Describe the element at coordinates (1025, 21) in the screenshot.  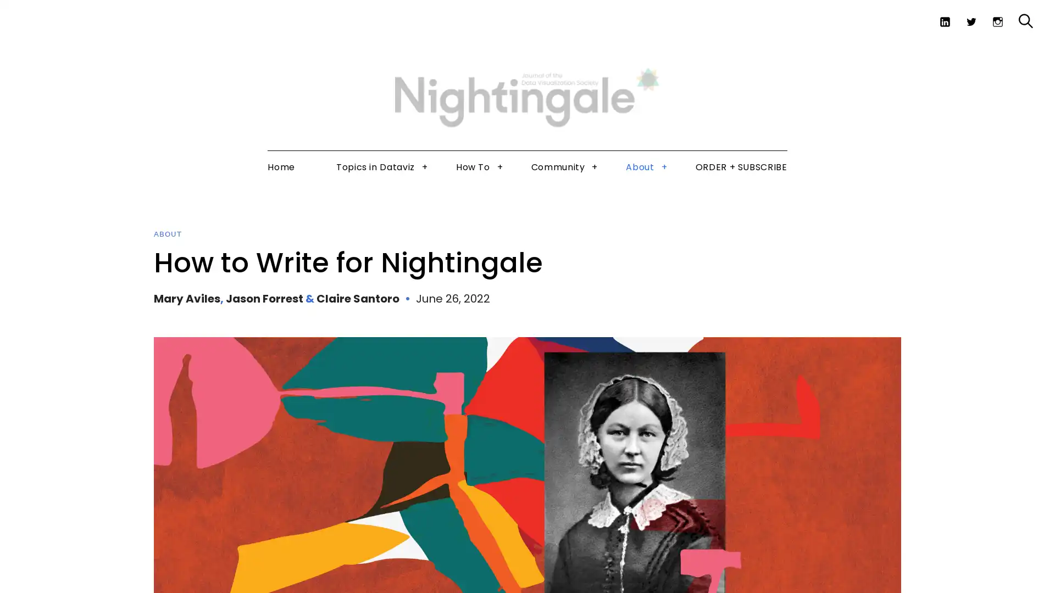
I see `Search` at that location.